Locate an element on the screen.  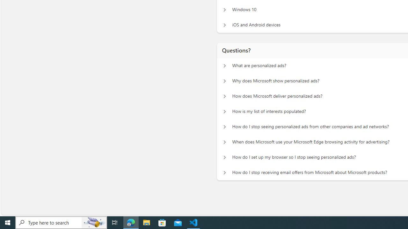
'Questions? How is my list of interests populated?' is located at coordinates (224, 111).